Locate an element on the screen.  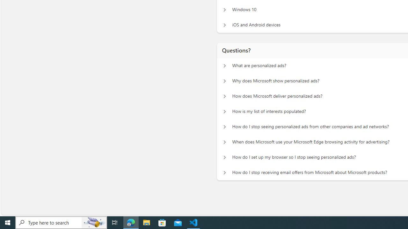
'Questions? How is my list of interests populated?' is located at coordinates (224, 111).